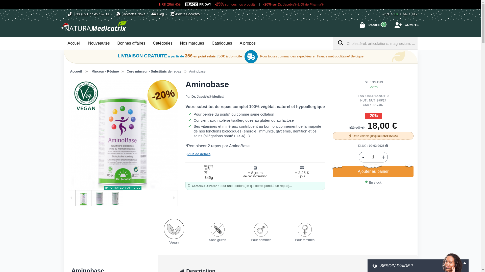 The width and height of the screenshot is (485, 272). Describe the element at coordinates (176, 43) in the screenshot. I see `'Nos marques'` at that location.